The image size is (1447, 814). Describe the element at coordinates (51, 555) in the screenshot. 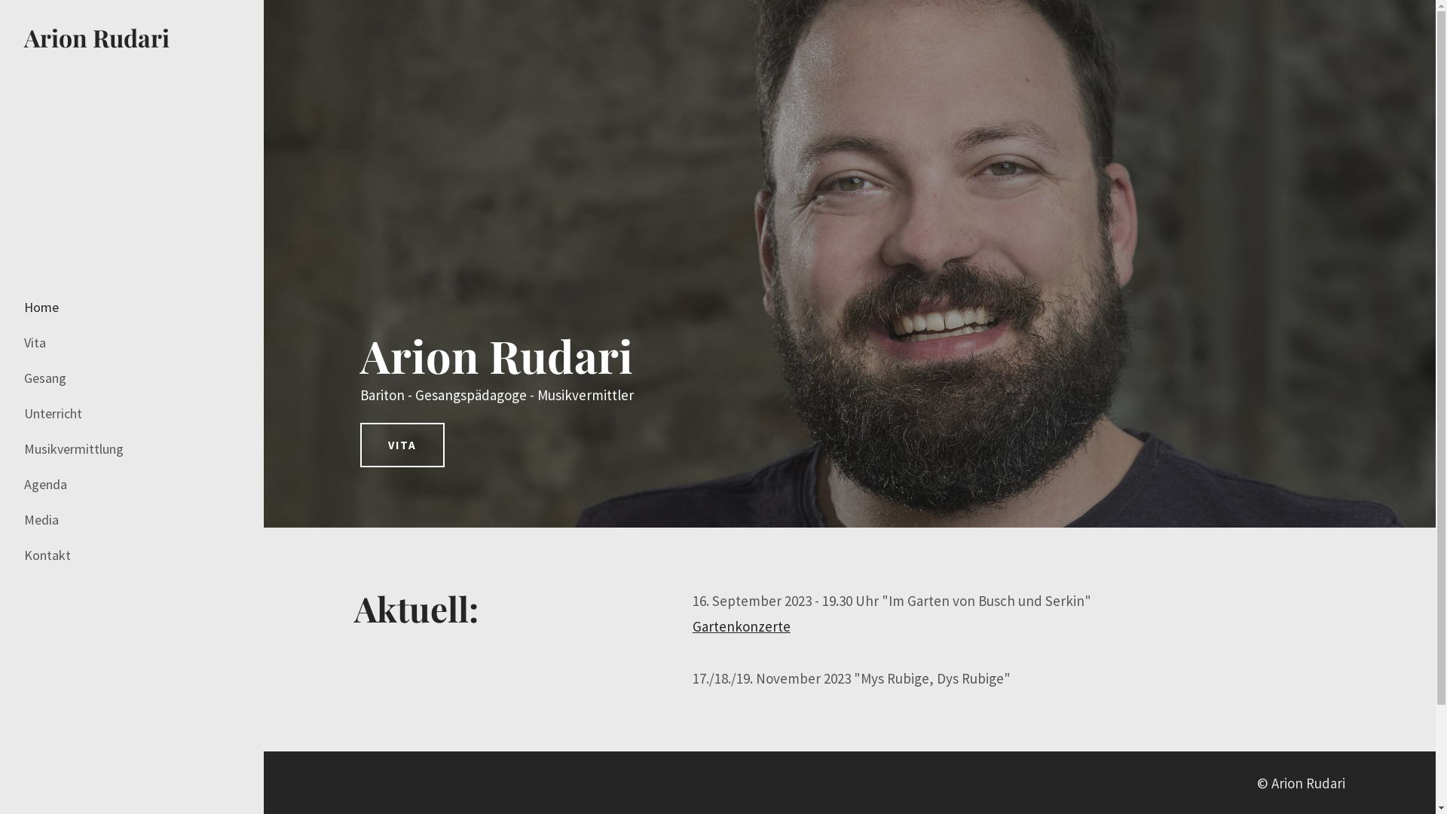

I see `'Kontakt'` at that location.